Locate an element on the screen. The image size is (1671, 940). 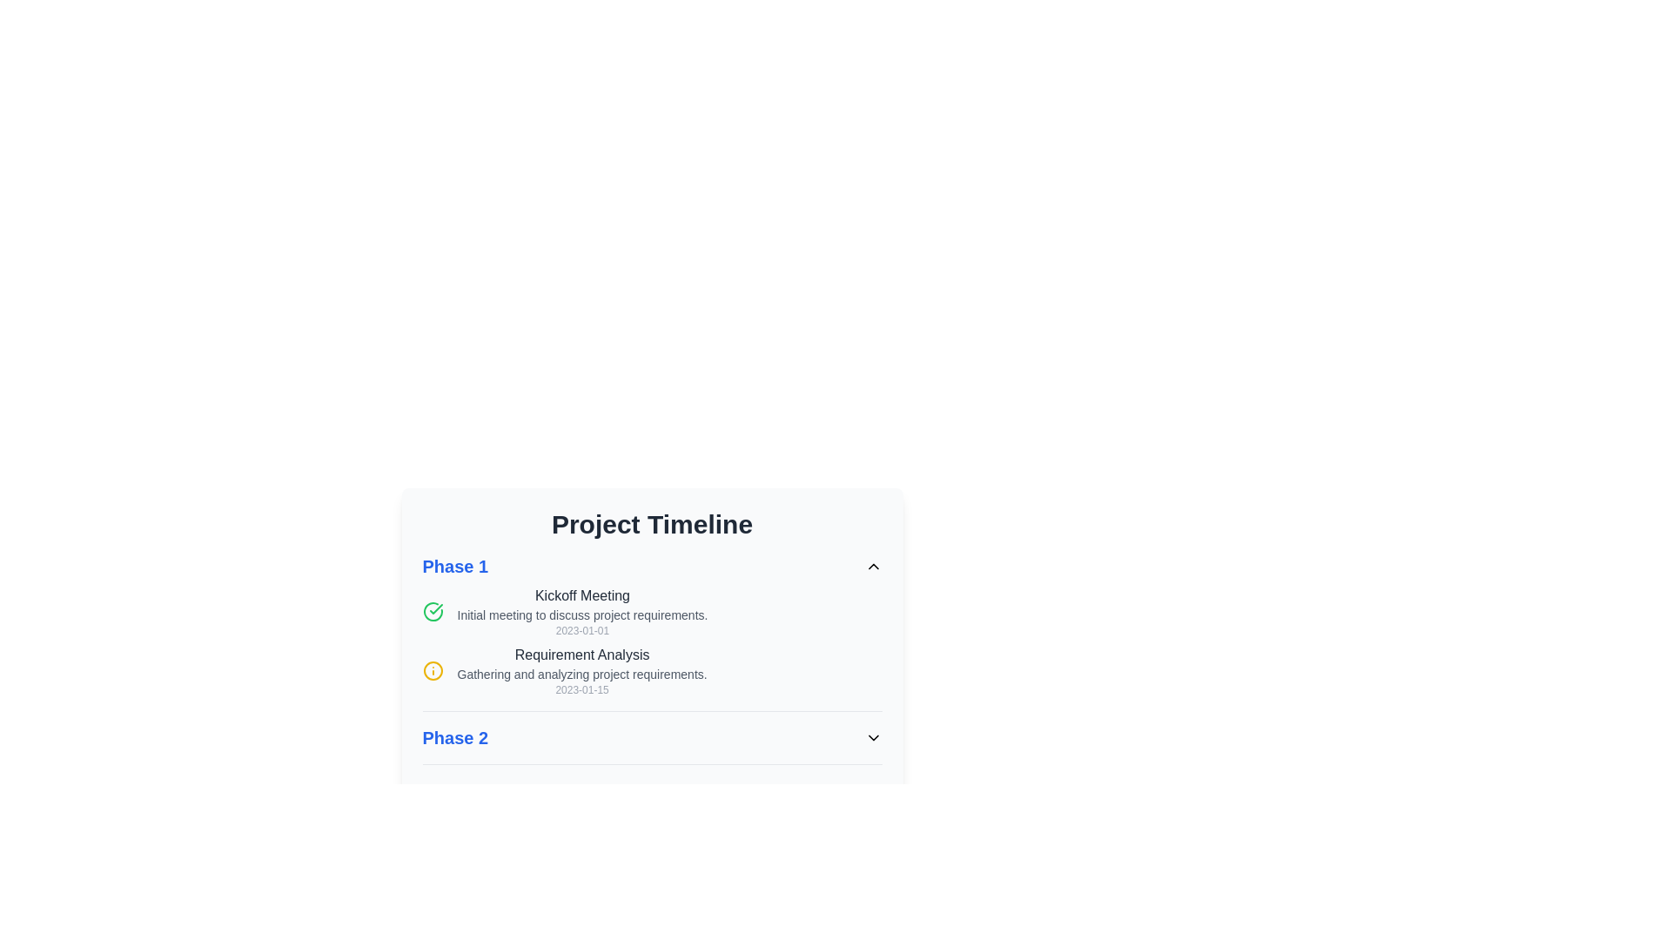
the static text label displaying 'Initial meeting to discuss project requirements.' which is located under the heading 'Kickoff Meeting' in the timeline section is located at coordinates (582, 614).